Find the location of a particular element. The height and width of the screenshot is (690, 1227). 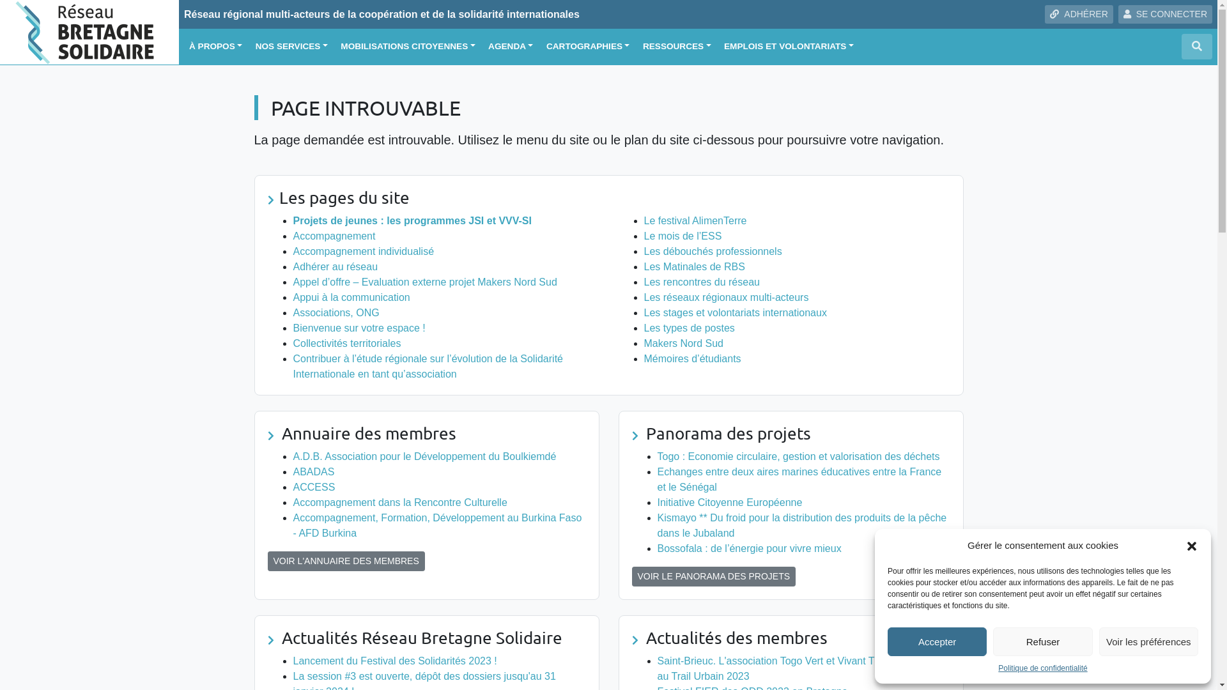

'Les types de postes' is located at coordinates (689, 327).